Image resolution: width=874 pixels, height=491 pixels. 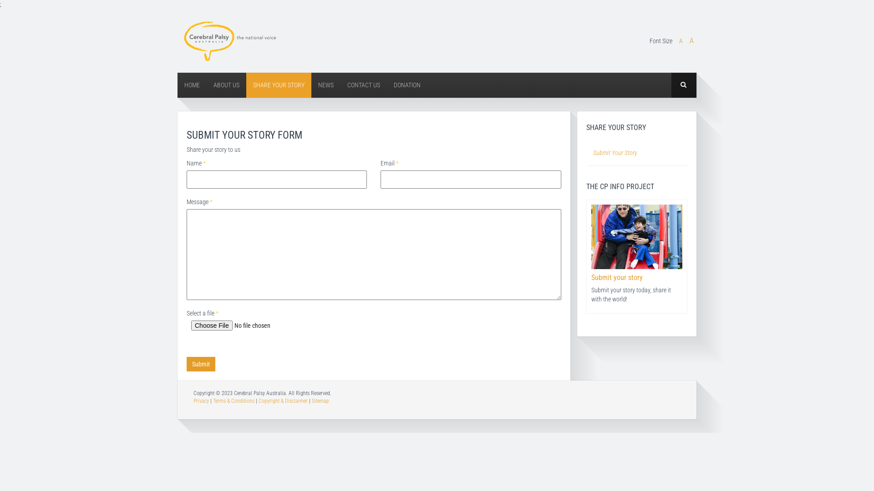 I want to click on 'A', so click(x=690, y=40).